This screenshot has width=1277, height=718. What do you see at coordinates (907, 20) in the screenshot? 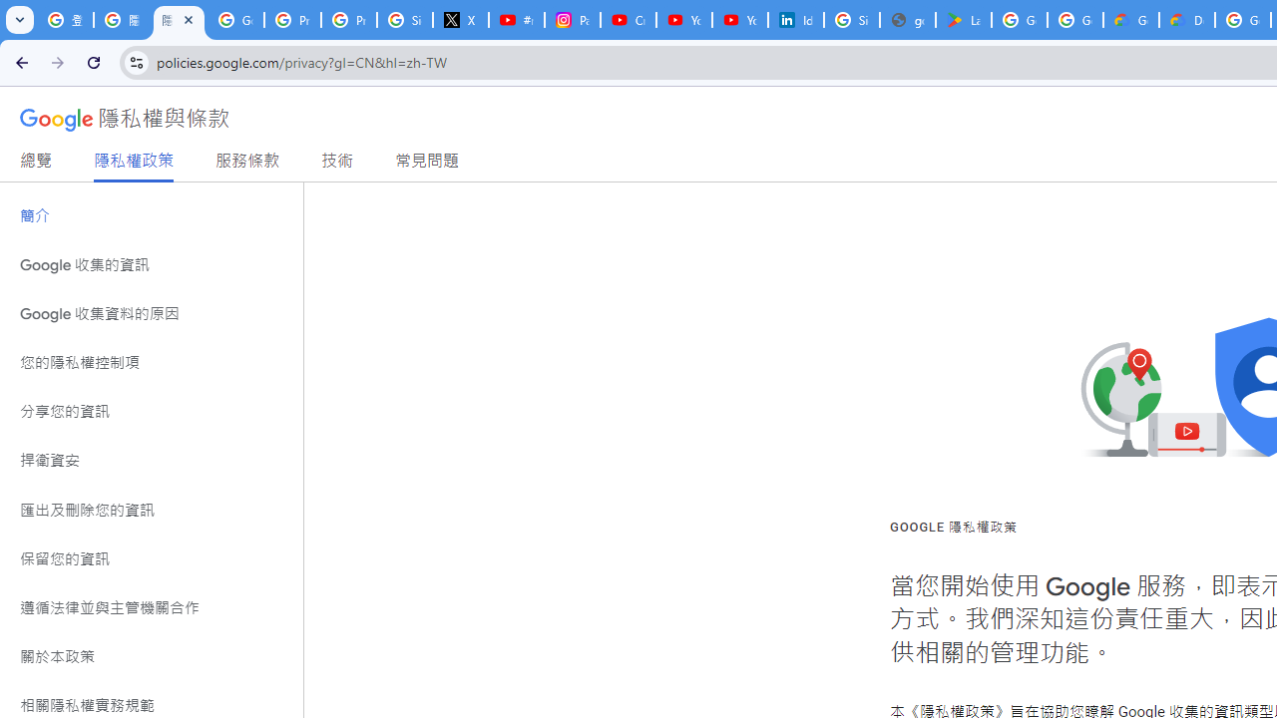
I see `'google_privacy_policy_en.pdf'` at bounding box center [907, 20].